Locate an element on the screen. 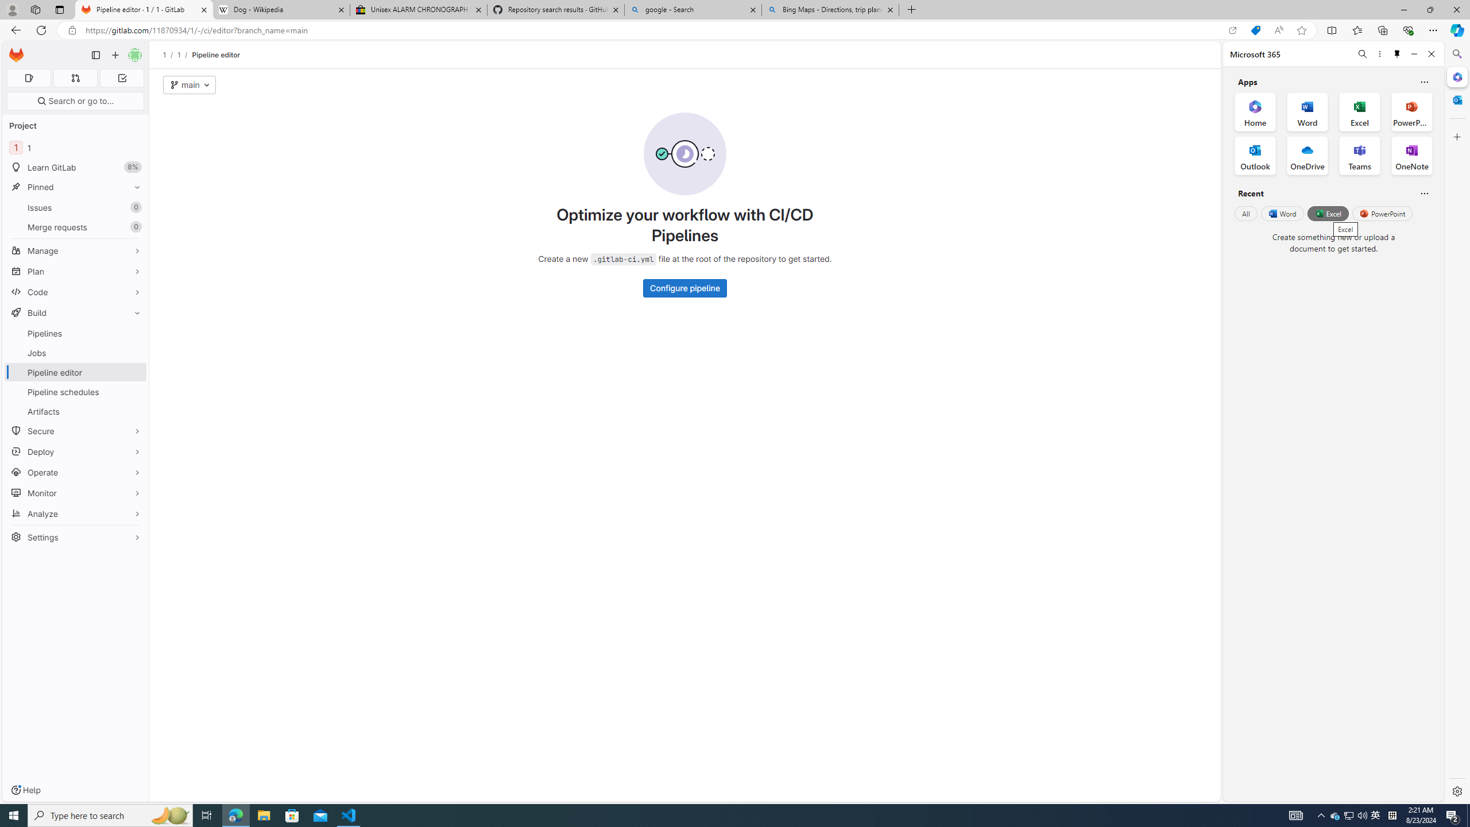  'Issues 0' is located at coordinates (75, 207).